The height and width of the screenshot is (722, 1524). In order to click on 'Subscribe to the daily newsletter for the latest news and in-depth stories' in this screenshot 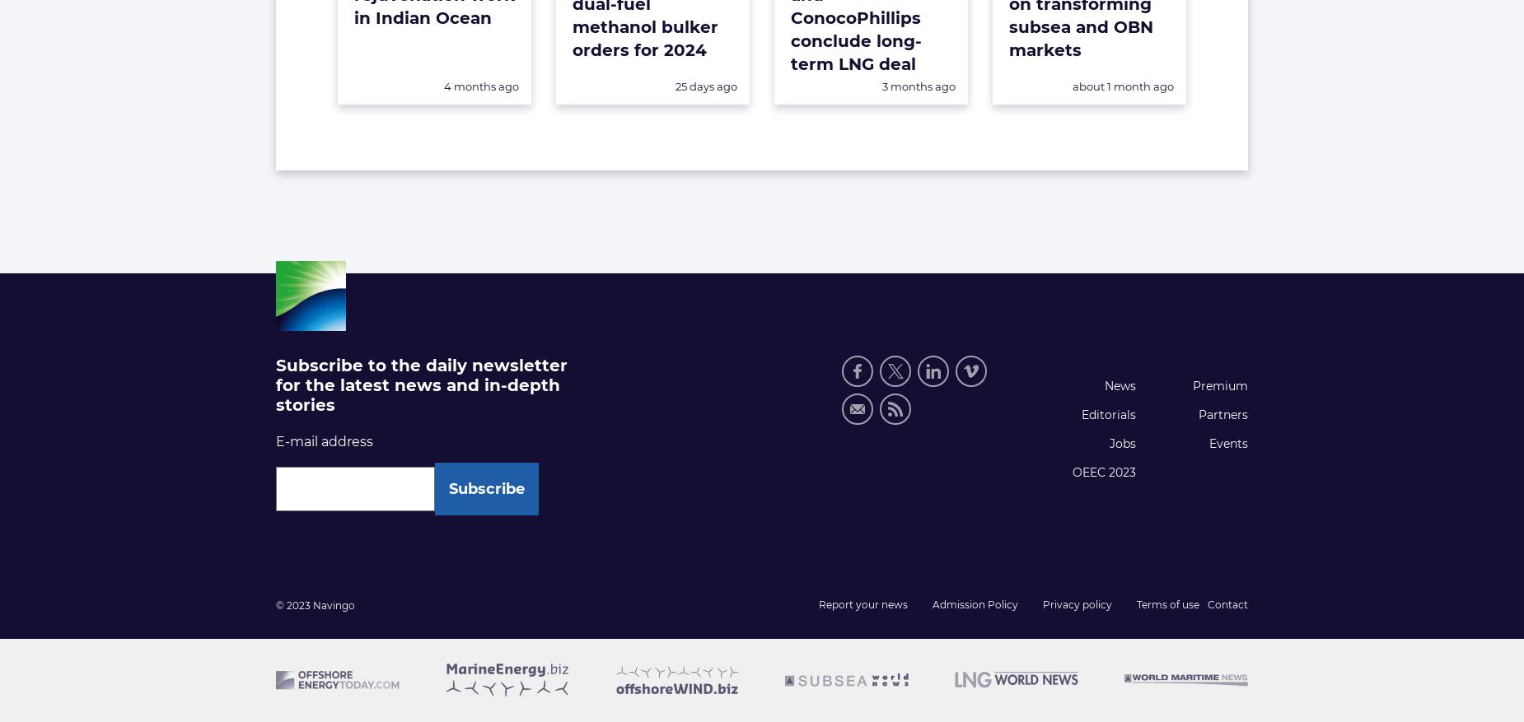, I will do `click(422, 384)`.